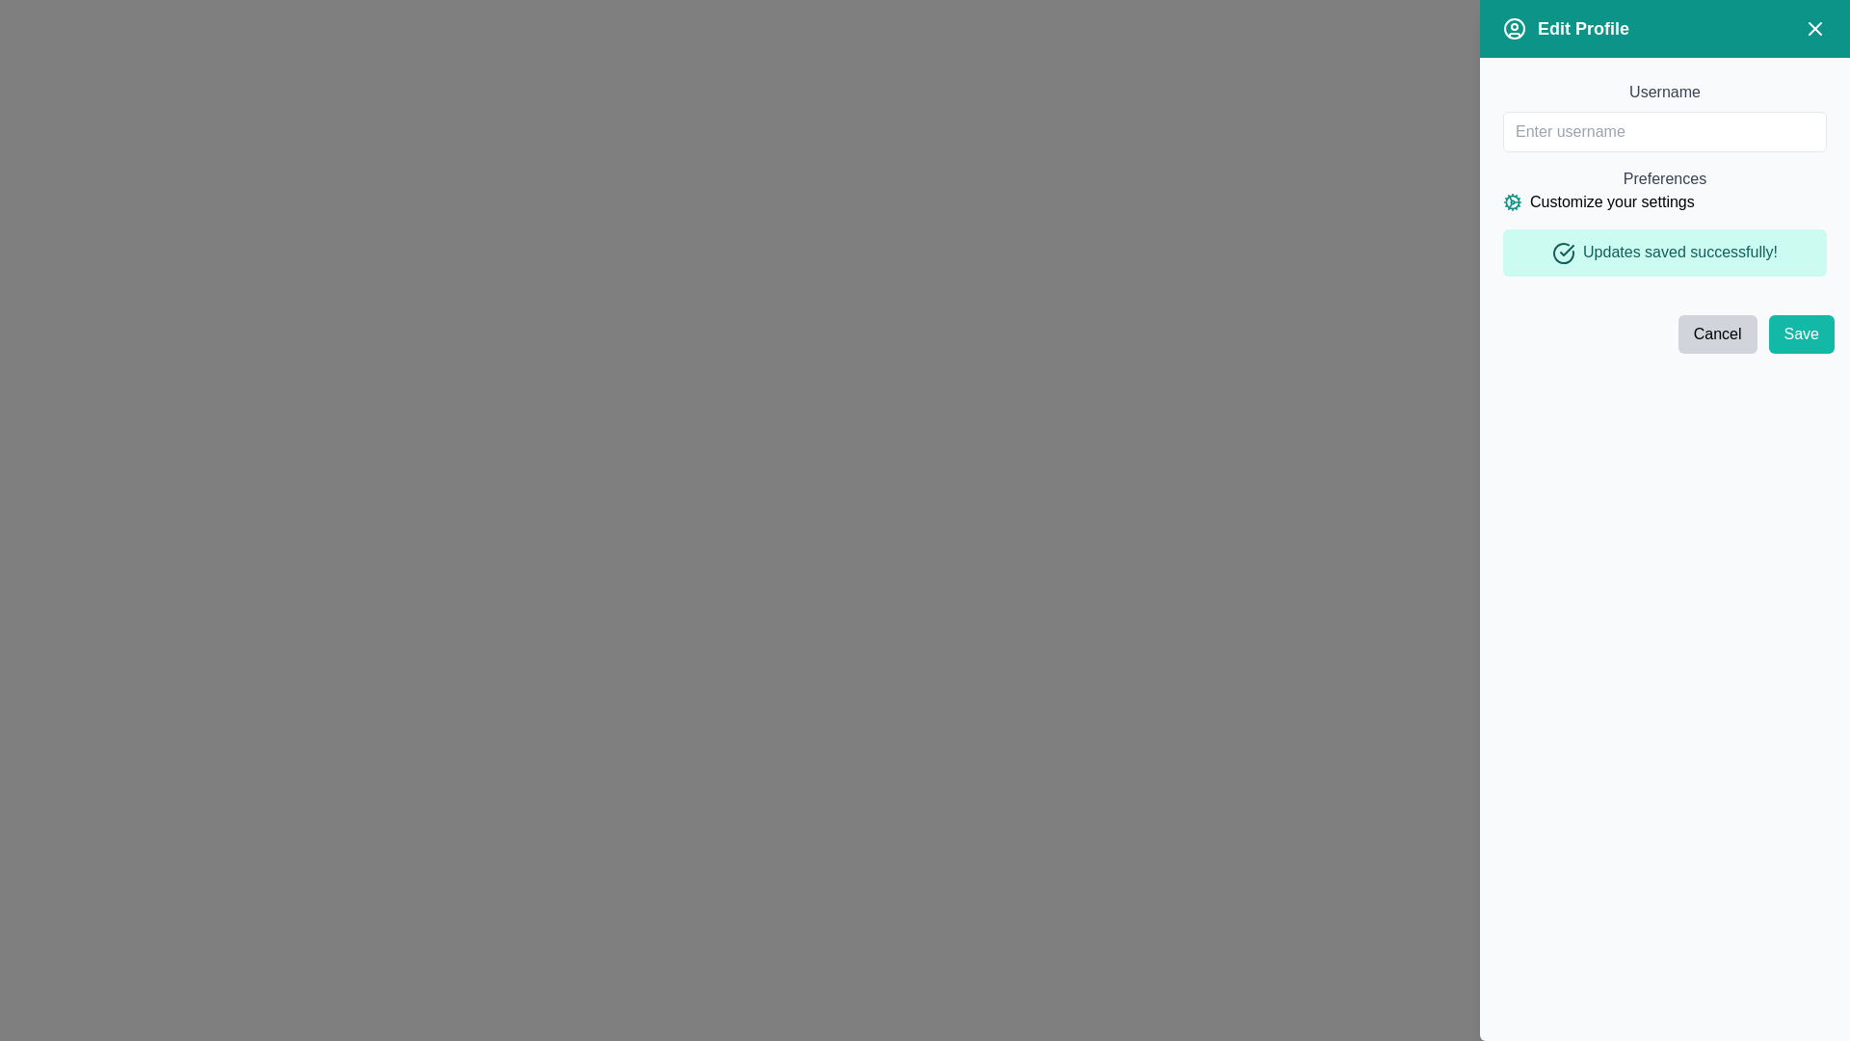 The width and height of the screenshot is (1850, 1041). I want to click on the text label that serves as a heading for the settings customization functionality in the 'Edit Profile' modal box, located under the 'Preferences' heading, so click(1612, 201).